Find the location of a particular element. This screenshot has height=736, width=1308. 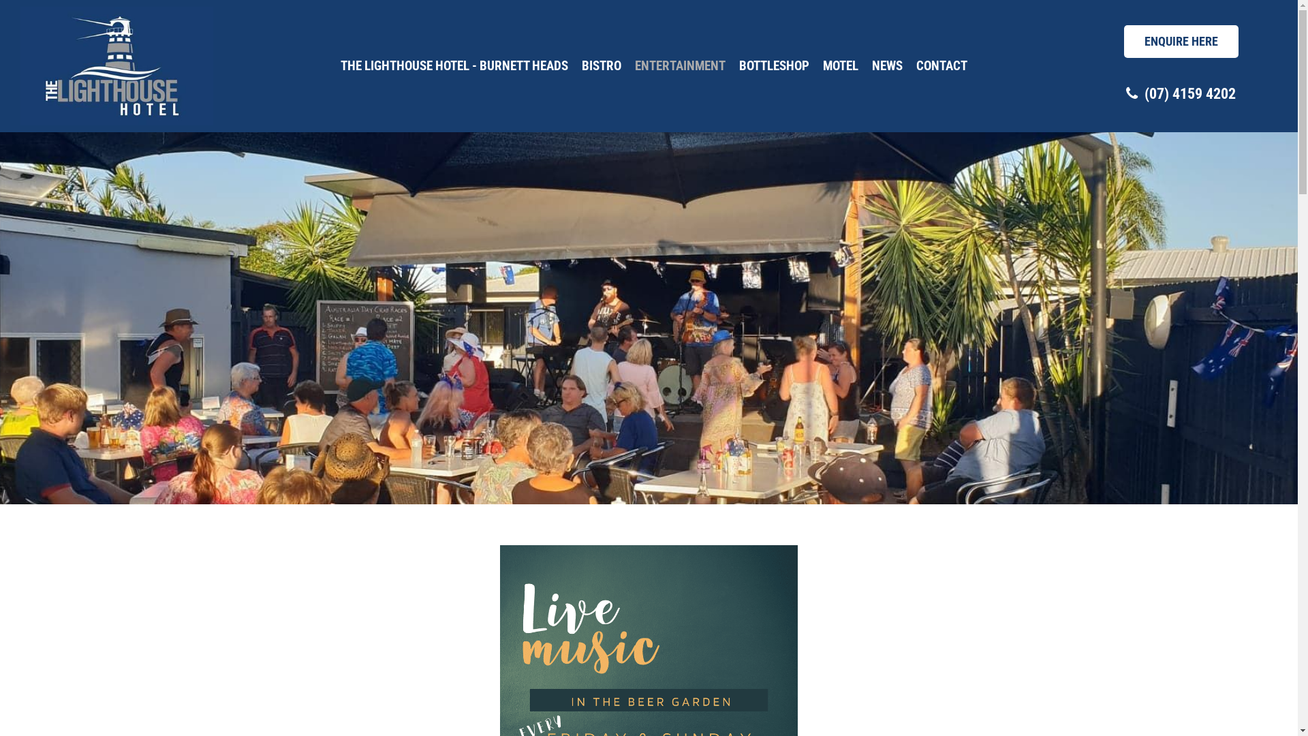

'THE LIGHTHOUSE HOTEL - BURNETT HEADS' is located at coordinates (454, 65).